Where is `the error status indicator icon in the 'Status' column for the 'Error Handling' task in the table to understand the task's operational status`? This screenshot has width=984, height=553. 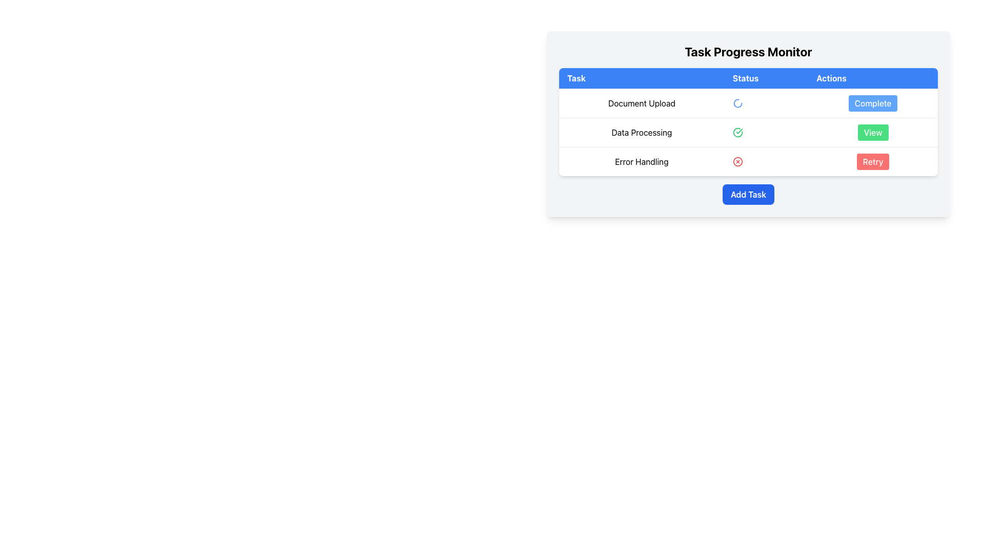
the error status indicator icon in the 'Status' column for the 'Error Handling' task in the table to understand the task's operational status is located at coordinates (766, 161).